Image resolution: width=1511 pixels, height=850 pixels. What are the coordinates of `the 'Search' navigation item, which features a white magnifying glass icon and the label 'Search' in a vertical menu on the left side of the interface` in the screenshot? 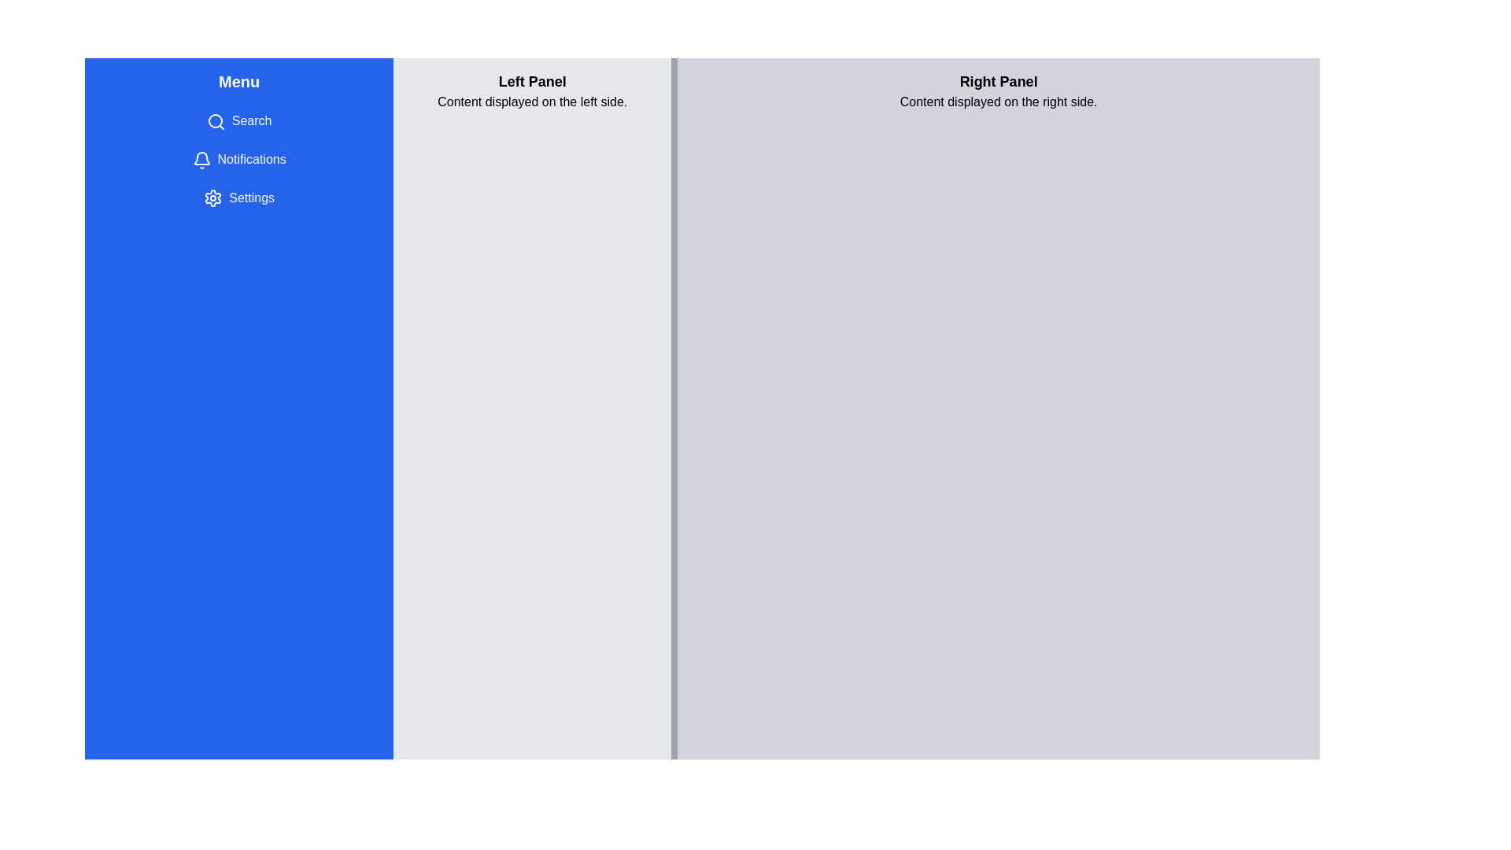 It's located at (238, 120).